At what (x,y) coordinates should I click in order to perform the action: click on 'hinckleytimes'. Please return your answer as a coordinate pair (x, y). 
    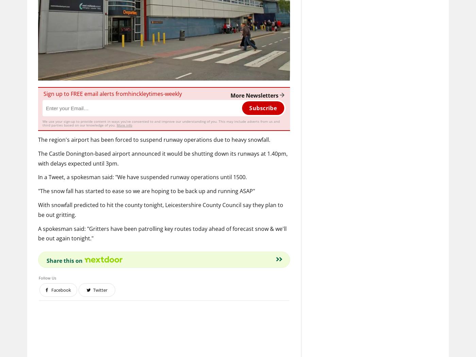
    Looking at the image, I should click on (146, 93).